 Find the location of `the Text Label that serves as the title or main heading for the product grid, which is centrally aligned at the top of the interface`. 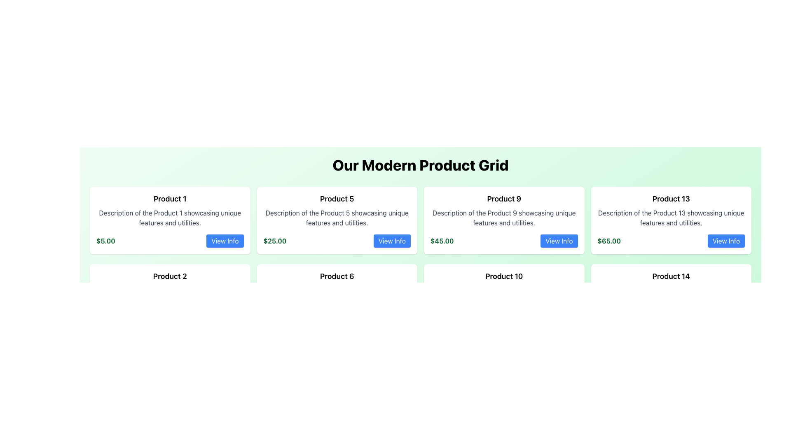

the Text Label that serves as the title or main heading for the product grid, which is centrally aligned at the top of the interface is located at coordinates (421, 165).